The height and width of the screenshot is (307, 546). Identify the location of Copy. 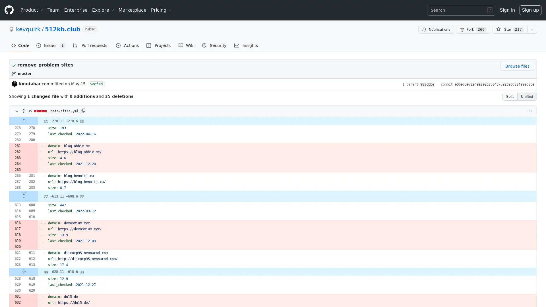
(83, 111).